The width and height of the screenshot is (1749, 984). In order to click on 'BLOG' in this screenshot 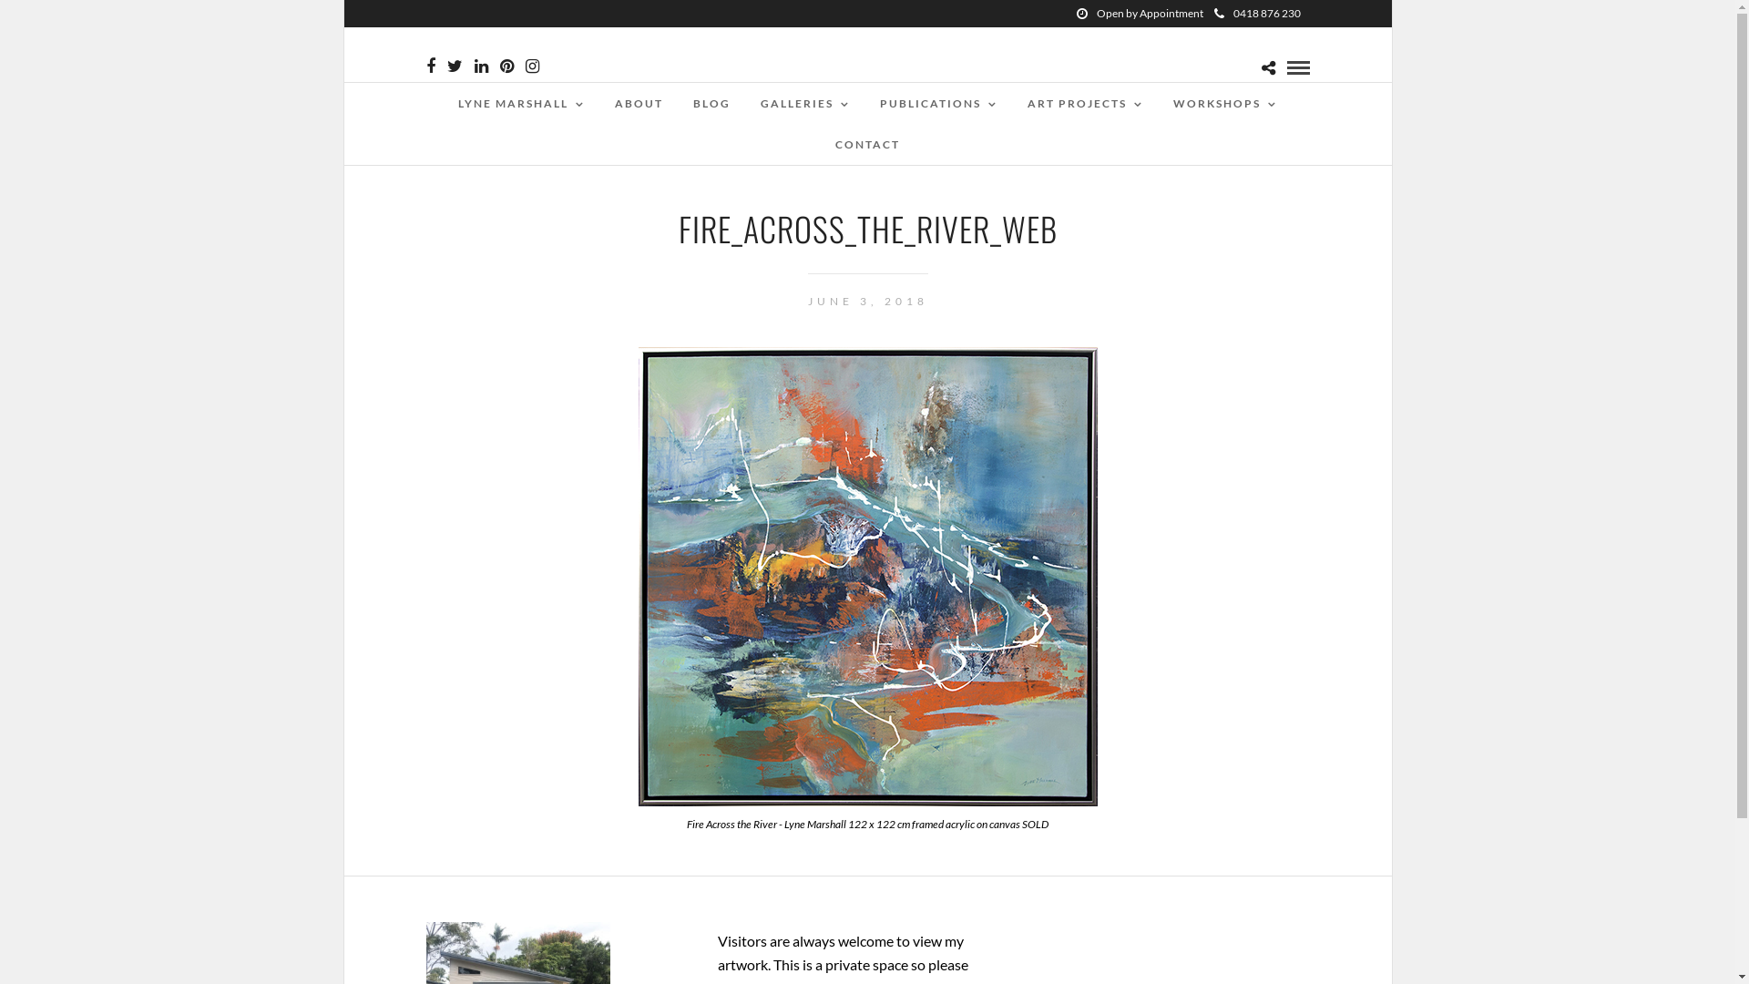, I will do `click(711, 103)`.